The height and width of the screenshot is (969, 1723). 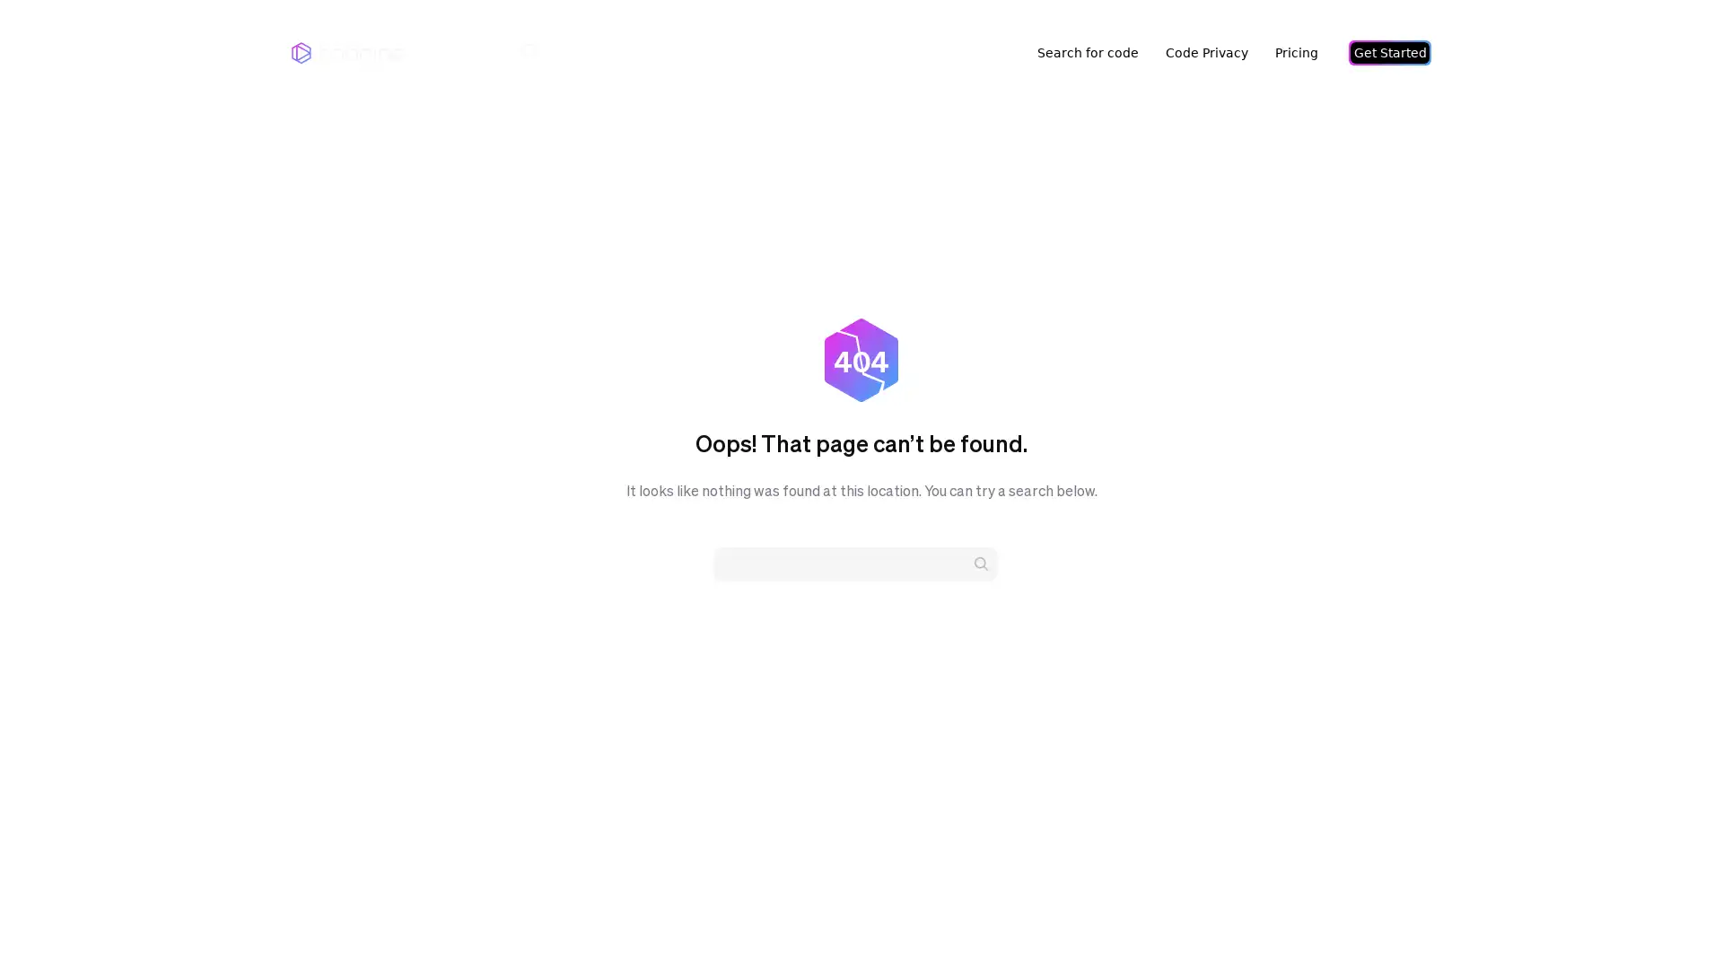 What do you see at coordinates (1669, 921) in the screenshot?
I see `Open` at bounding box center [1669, 921].